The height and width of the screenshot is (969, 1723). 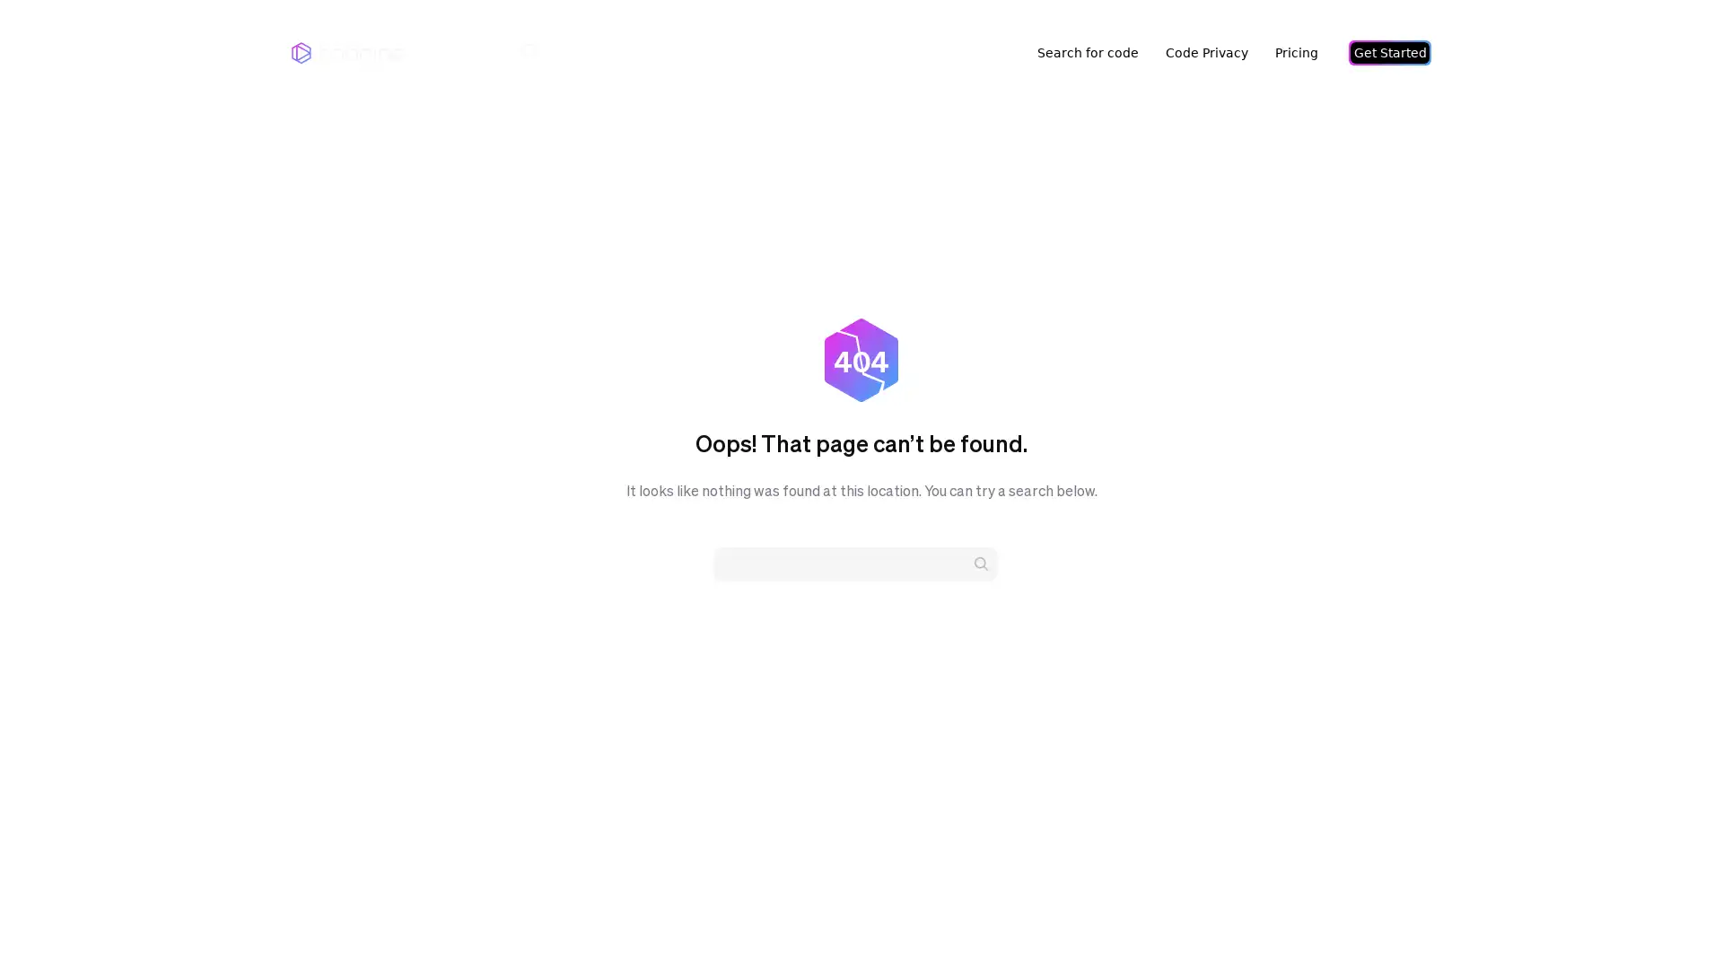 What do you see at coordinates (1669, 921) in the screenshot?
I see `Open` at bounding box center [1669, 921].